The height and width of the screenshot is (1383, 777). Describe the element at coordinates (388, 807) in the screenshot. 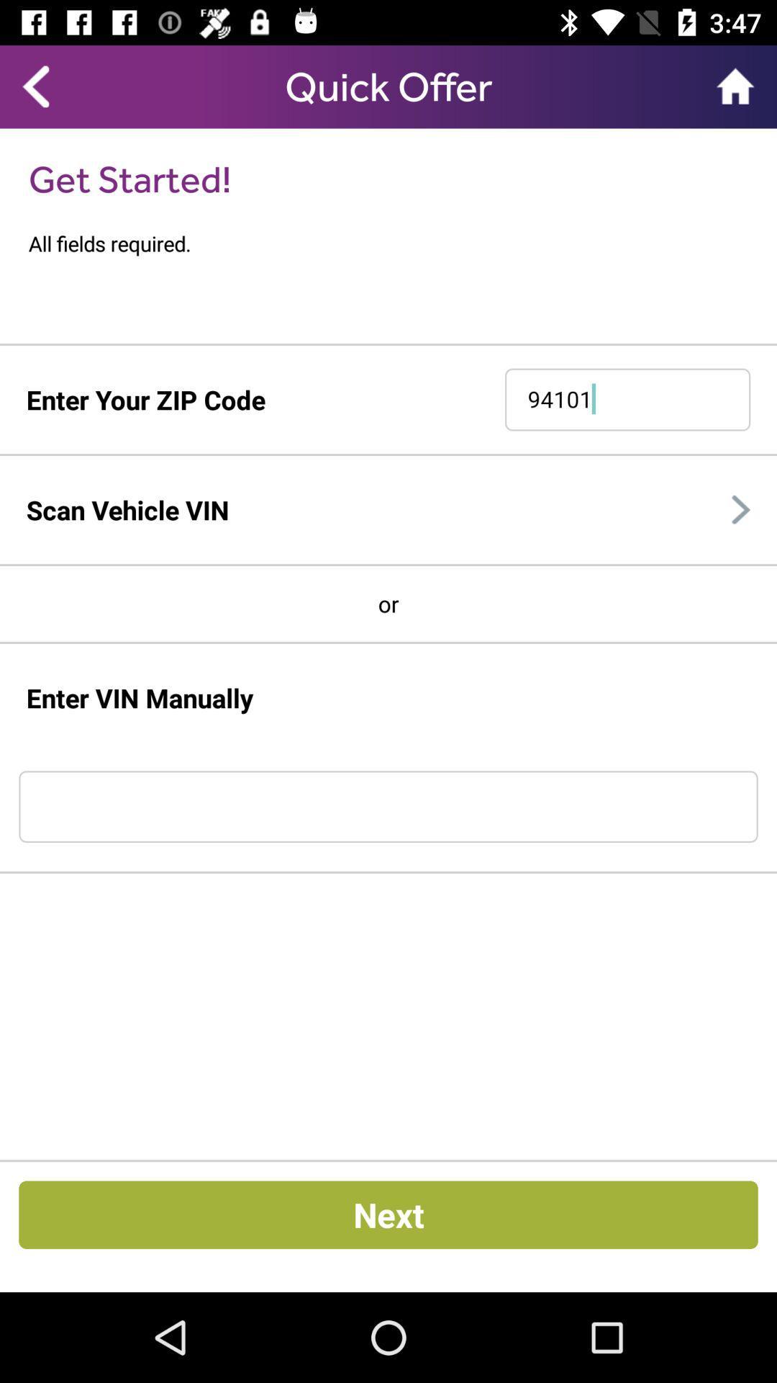

I see `vin manually` at that location.